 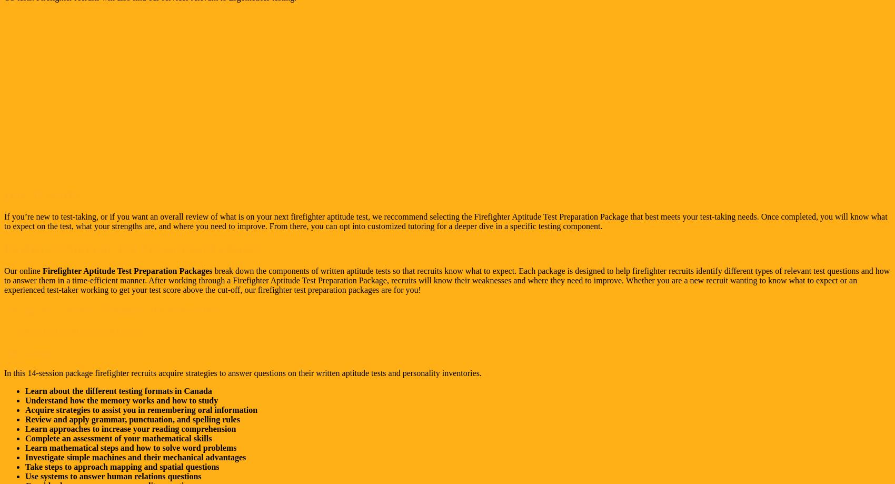 I want to click on 'Learn about the different testing formats in Canada', so click(x=118, y=391).